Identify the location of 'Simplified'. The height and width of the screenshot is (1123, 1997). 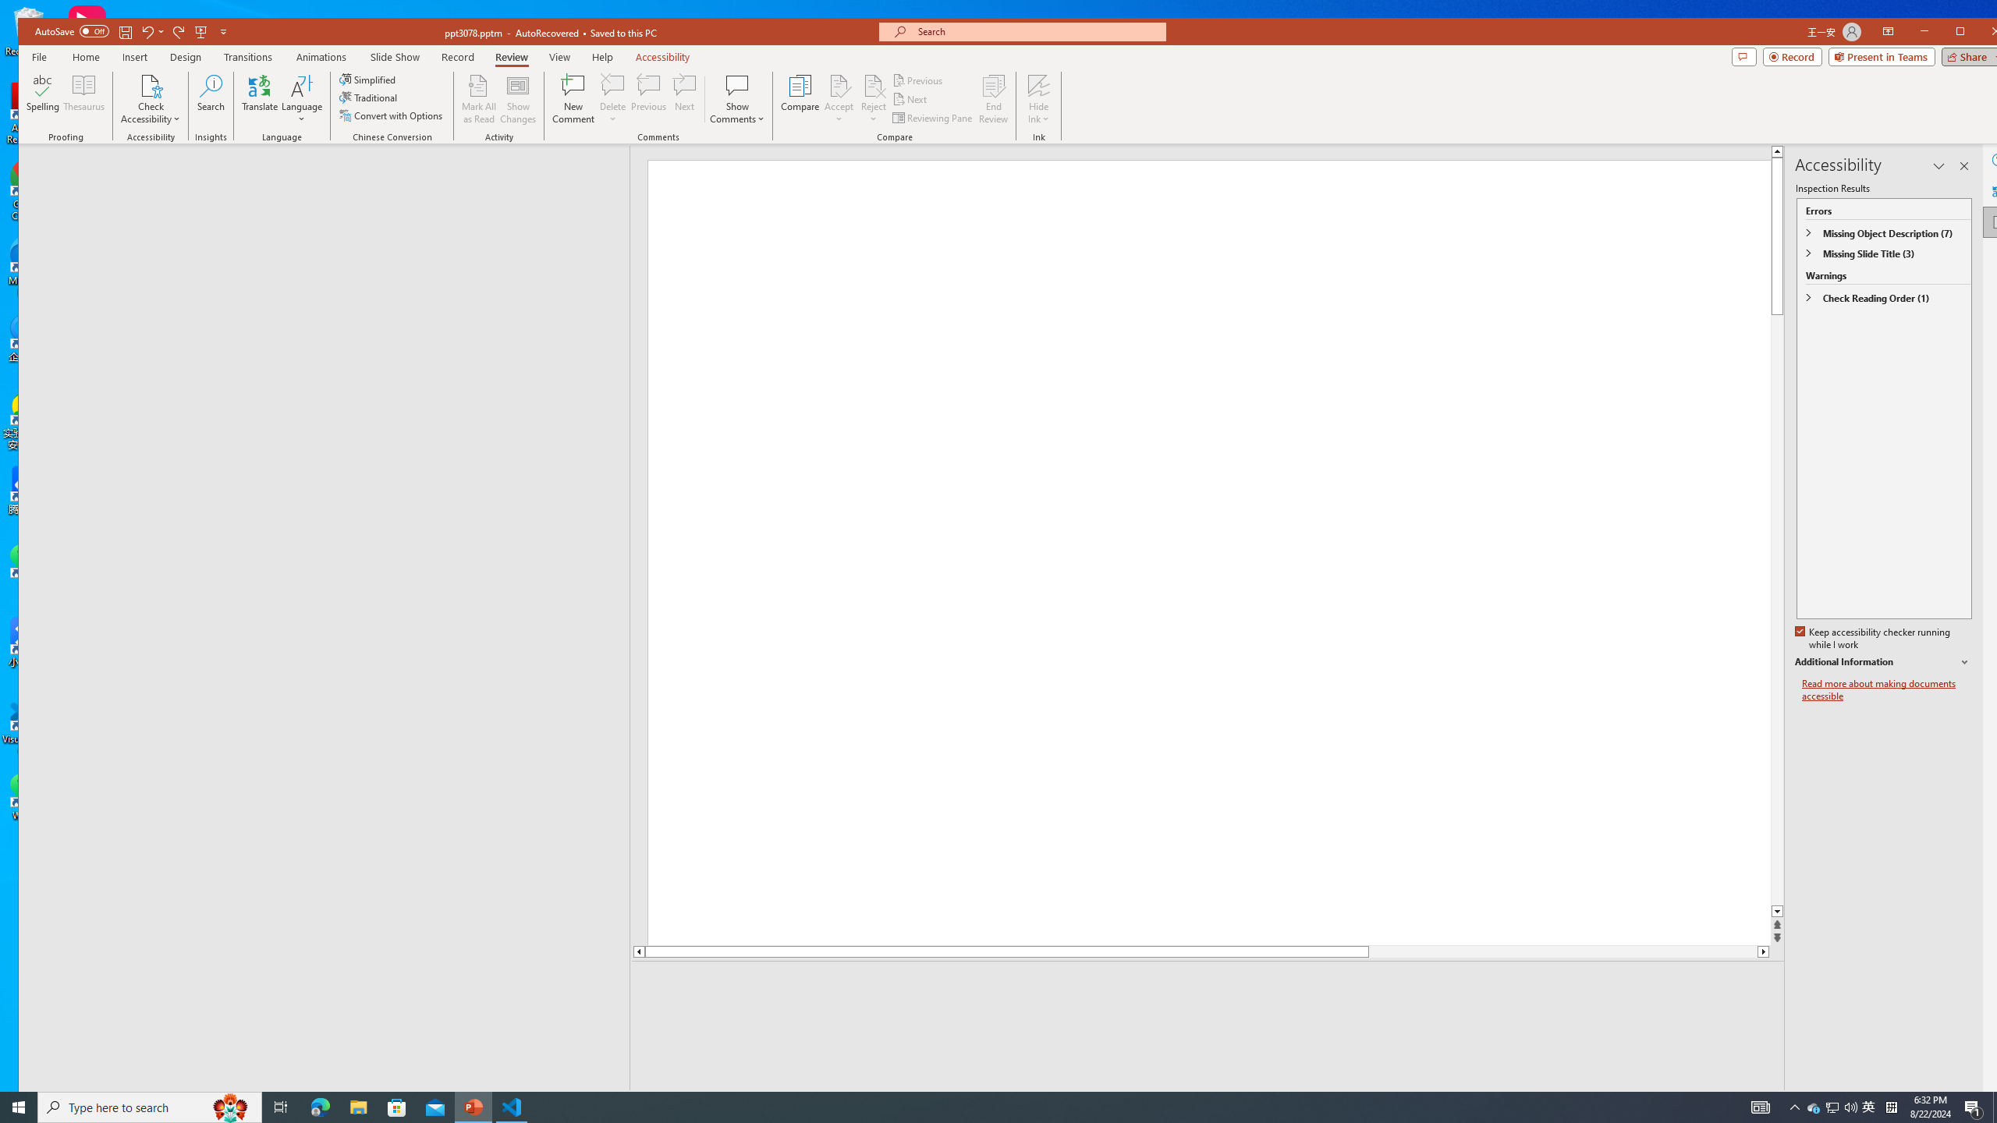
(368, 80).